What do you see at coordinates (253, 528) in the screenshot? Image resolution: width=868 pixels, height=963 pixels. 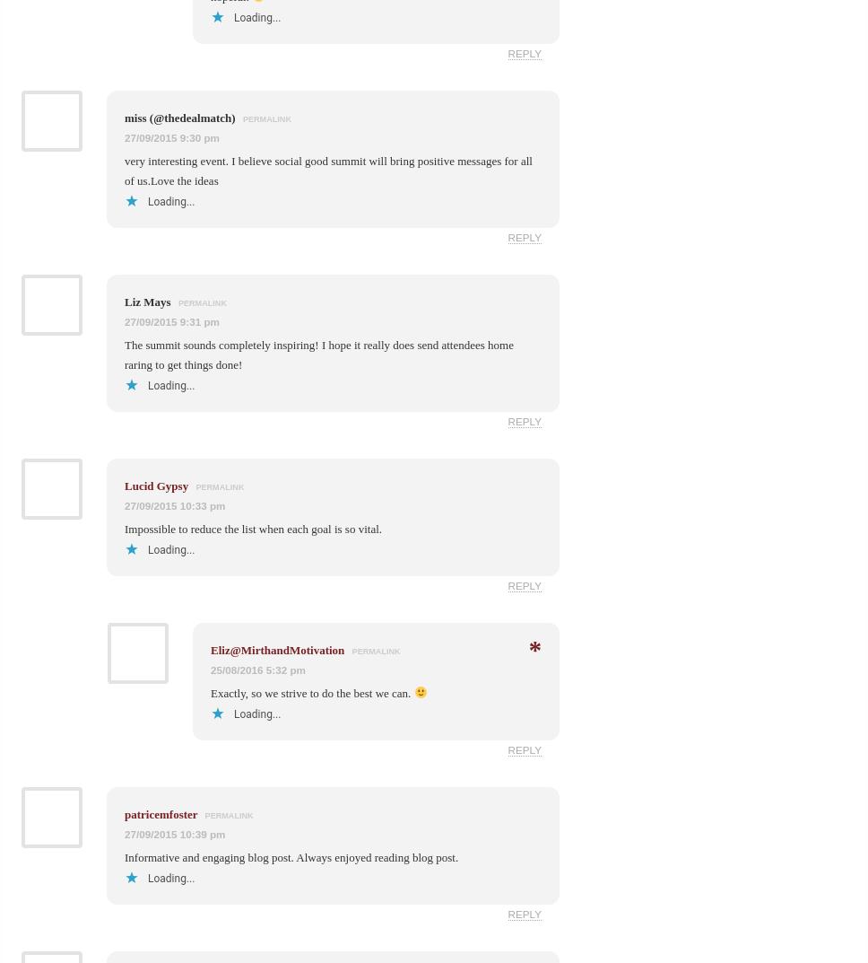 I see `'Impossible to reduce the list when each goal is so vital.'` at bounding box center [253, 528].